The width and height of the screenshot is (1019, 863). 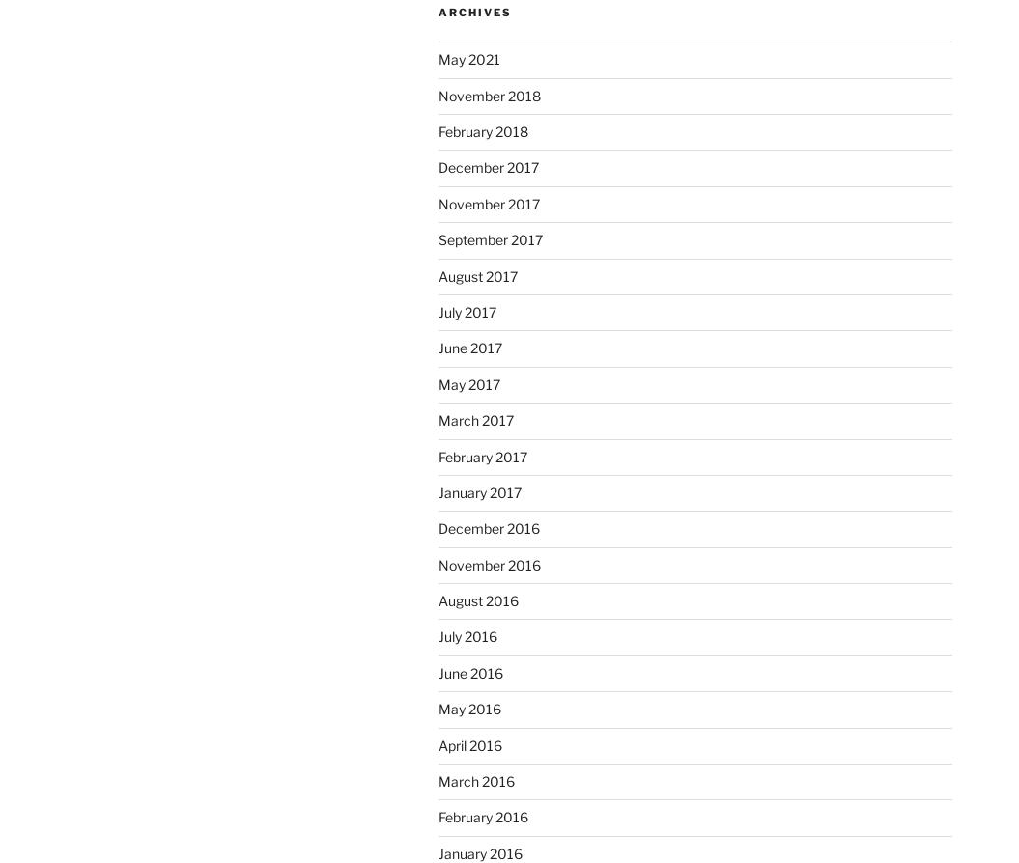 I want to click on 'Archives', so click(x=437, y=11).